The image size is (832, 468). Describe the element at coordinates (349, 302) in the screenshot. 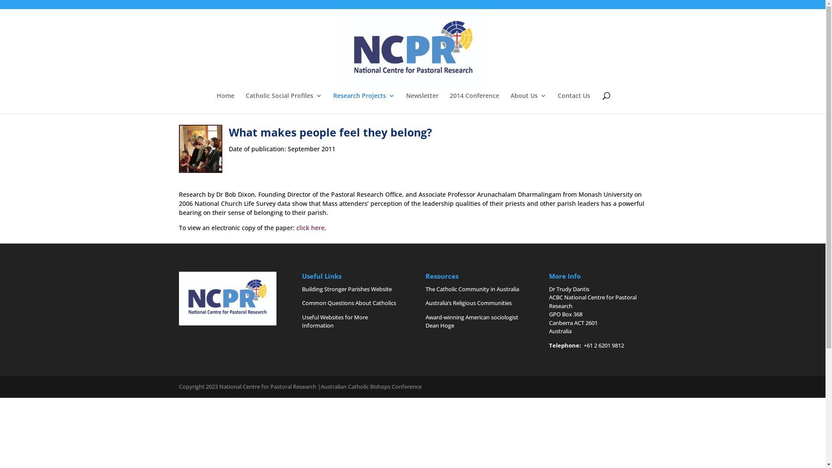

I see `'Common Questions About Catholics'` at that location.